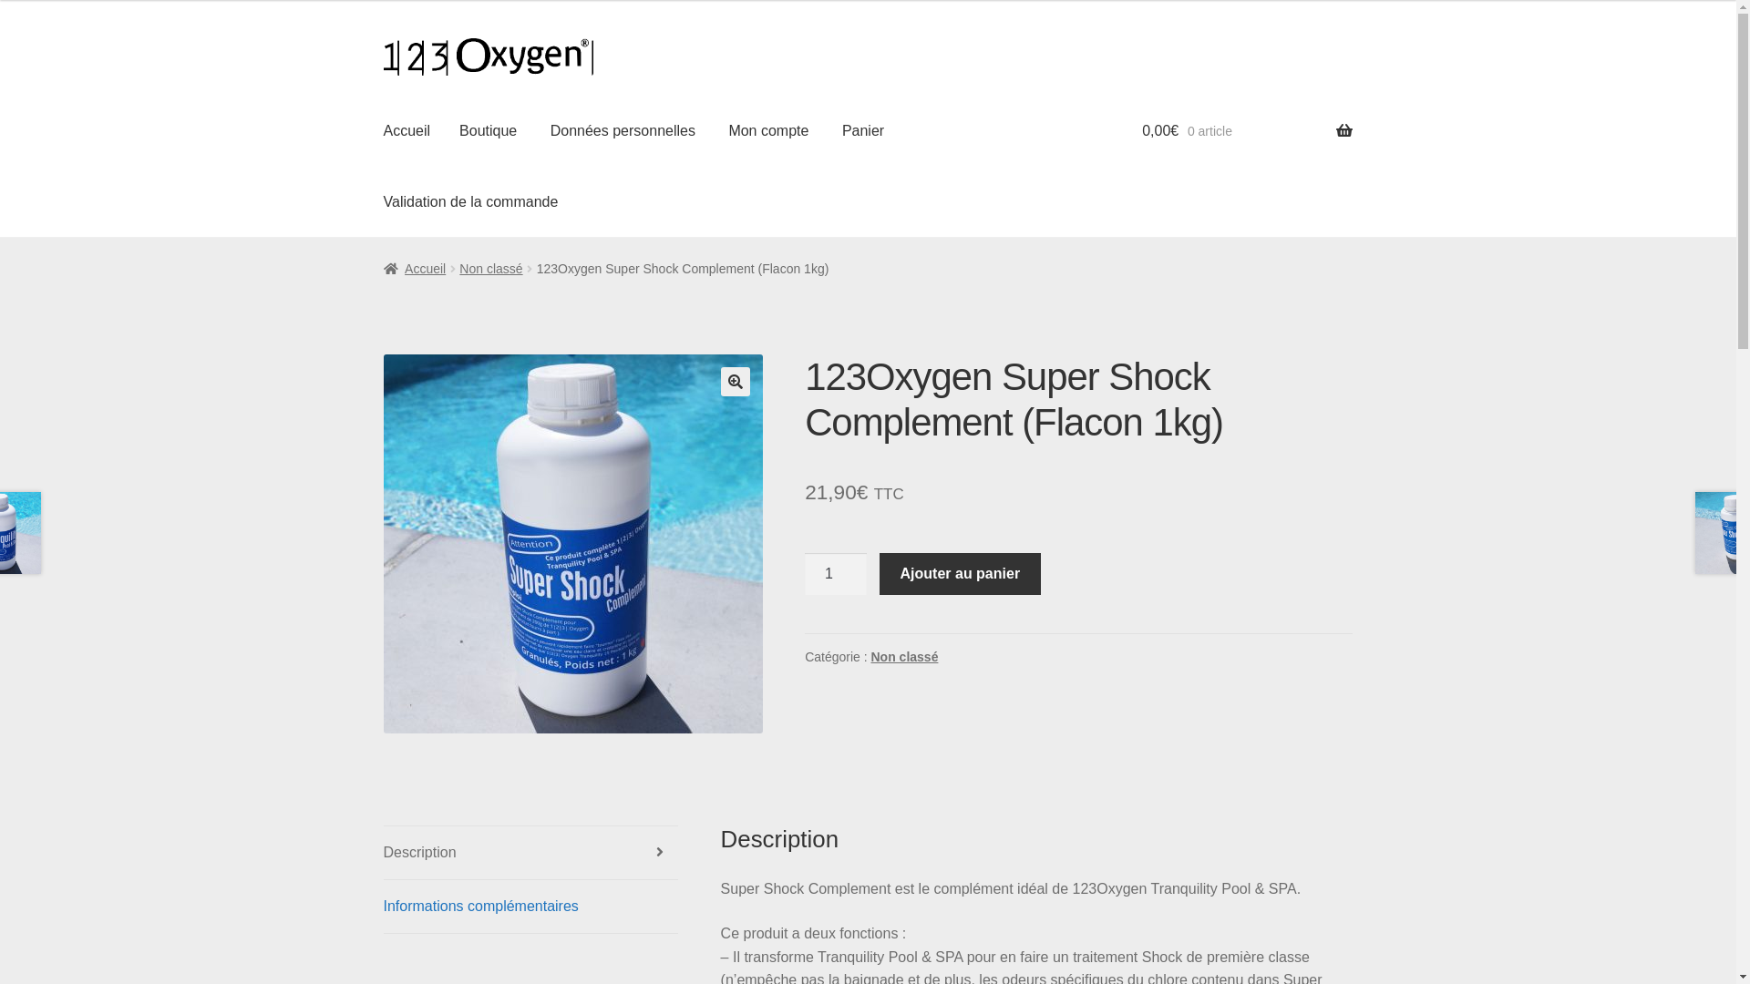 Image resolution: width=1750 pixels, height=984 pixels. Describe the element at coordinates (488, 129) in the screenshot. I see `'Boutique'` at that location.